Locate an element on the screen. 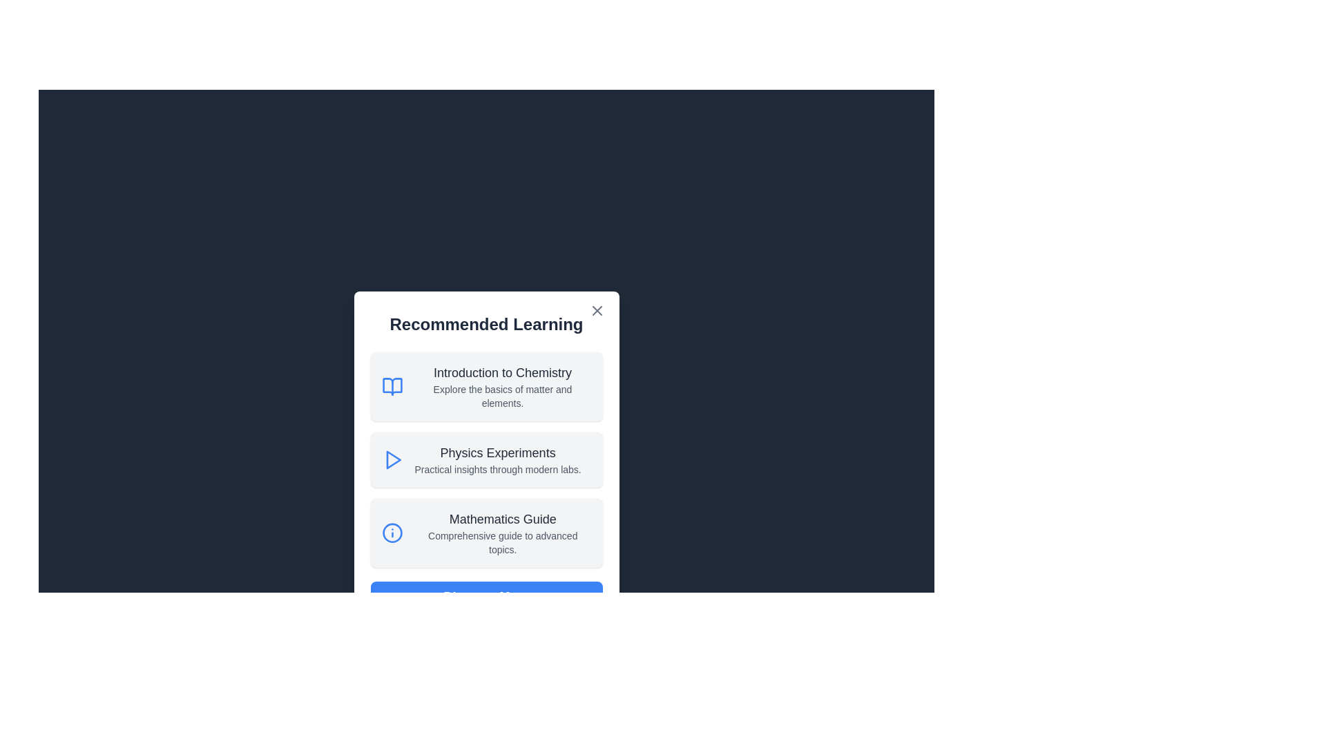  the card for 'Introduction to Chemistry' is located at coordinates (486, 386).